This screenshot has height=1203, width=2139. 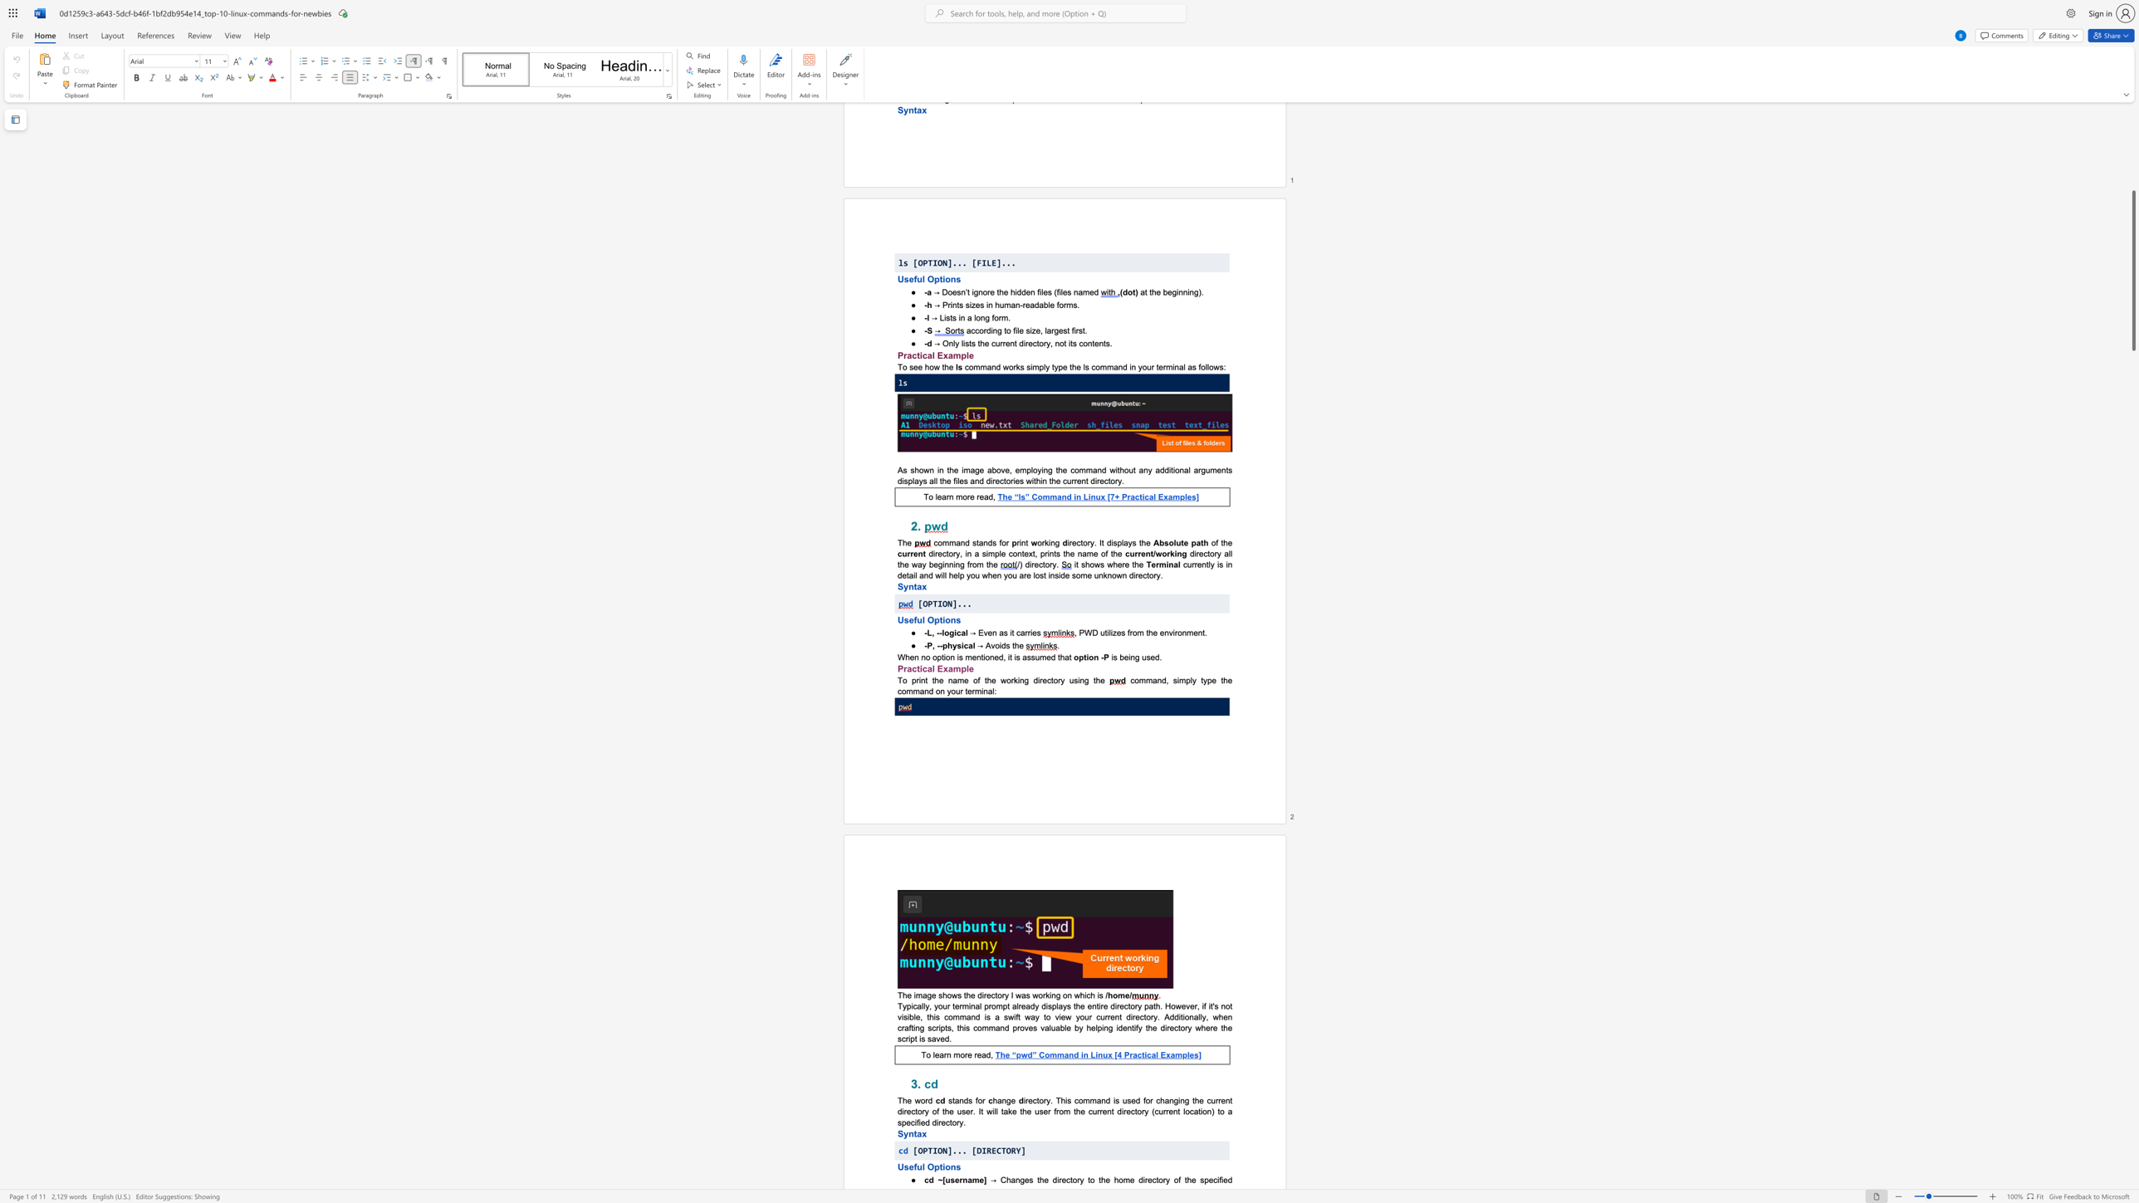 I want to click on the subset text ") to a specified dire" within the text "irectory. This command is used for changing the current directory of the user. It will take the user from the current directory (current location) to a specified directory.", so click(x=1210, y=1112).